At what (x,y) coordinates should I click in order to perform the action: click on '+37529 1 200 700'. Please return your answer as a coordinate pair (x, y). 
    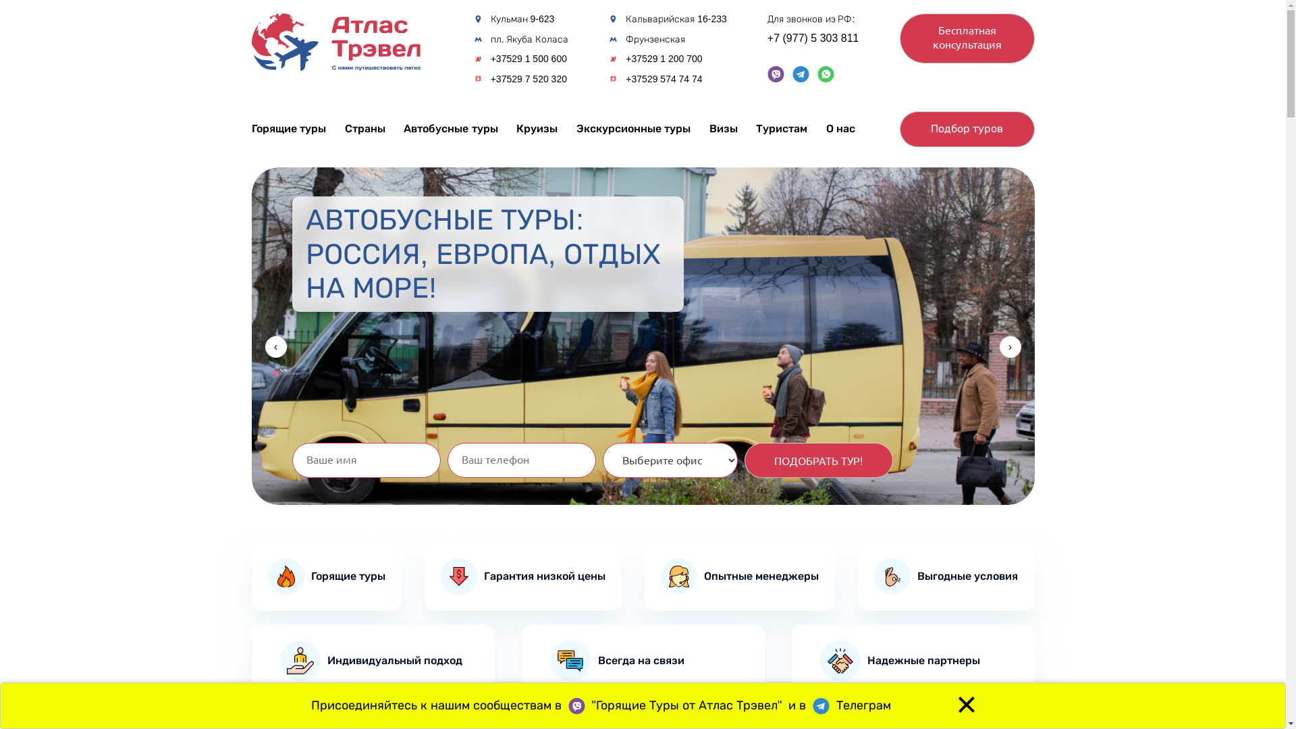
    Looking at the image, I should click on (624, 58).